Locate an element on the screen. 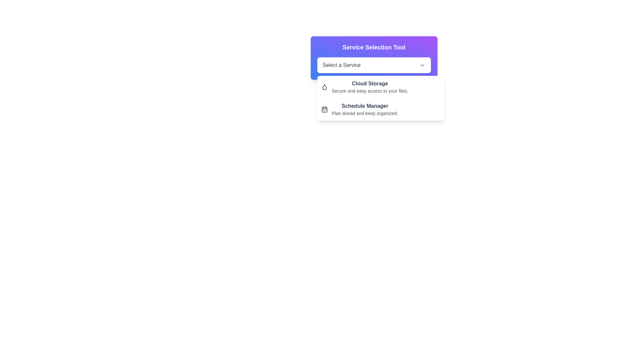 This screenshot has height=356, width=634. the 'Schedule Manager' option in the dropdown menu under 'Service Selection Tool' is located at coordinates (380, 109).